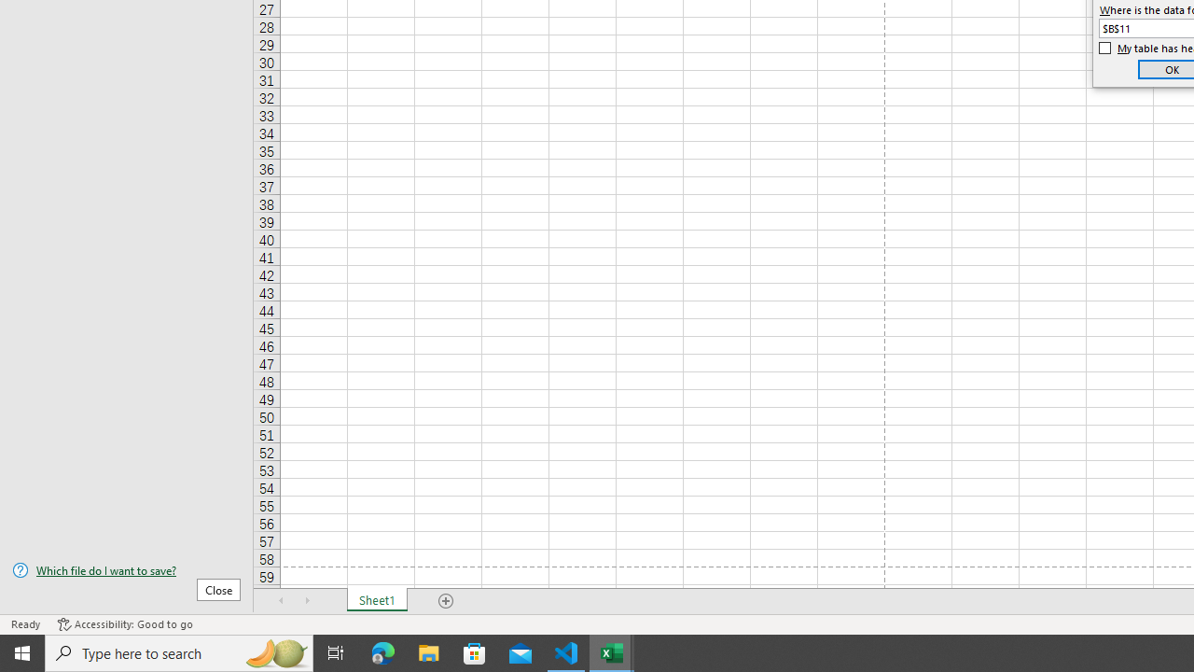  What do you see at coordinates (376, 601) in the screenshot?
I see `'Sheet1'` at bounding box center [376, 601].